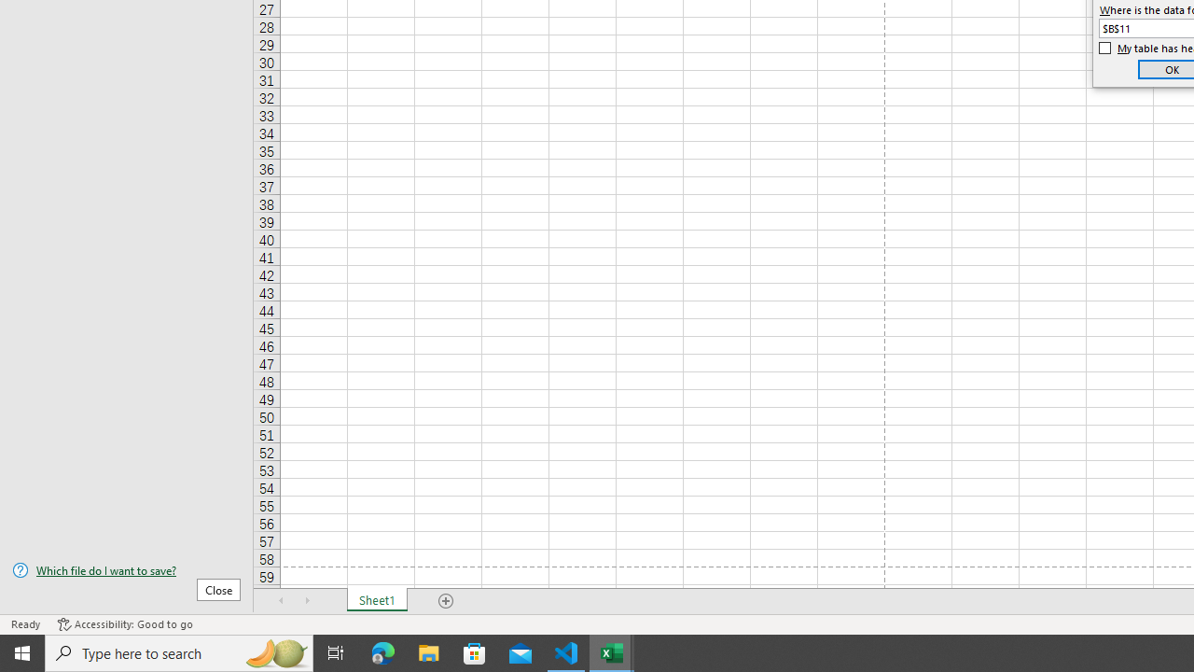  What do you see at coordinates (376, 601) in the screenshot?
I see `'Sheet1'` at bounding box center [376, 601].